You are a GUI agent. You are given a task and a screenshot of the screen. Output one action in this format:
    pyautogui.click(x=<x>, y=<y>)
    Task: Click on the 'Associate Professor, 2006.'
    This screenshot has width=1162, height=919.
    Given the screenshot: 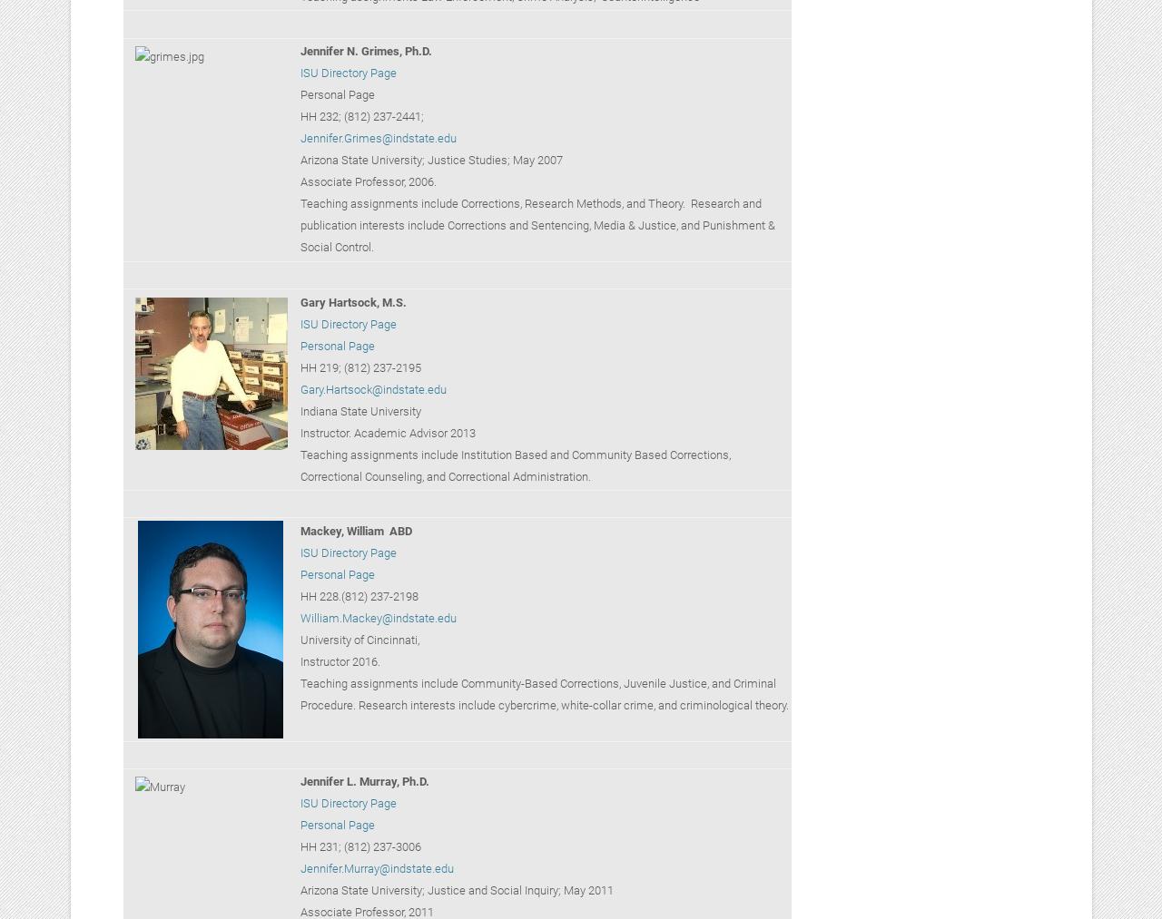 What is the action you would take?
    pyautogui.click(x=299, y=181)
    